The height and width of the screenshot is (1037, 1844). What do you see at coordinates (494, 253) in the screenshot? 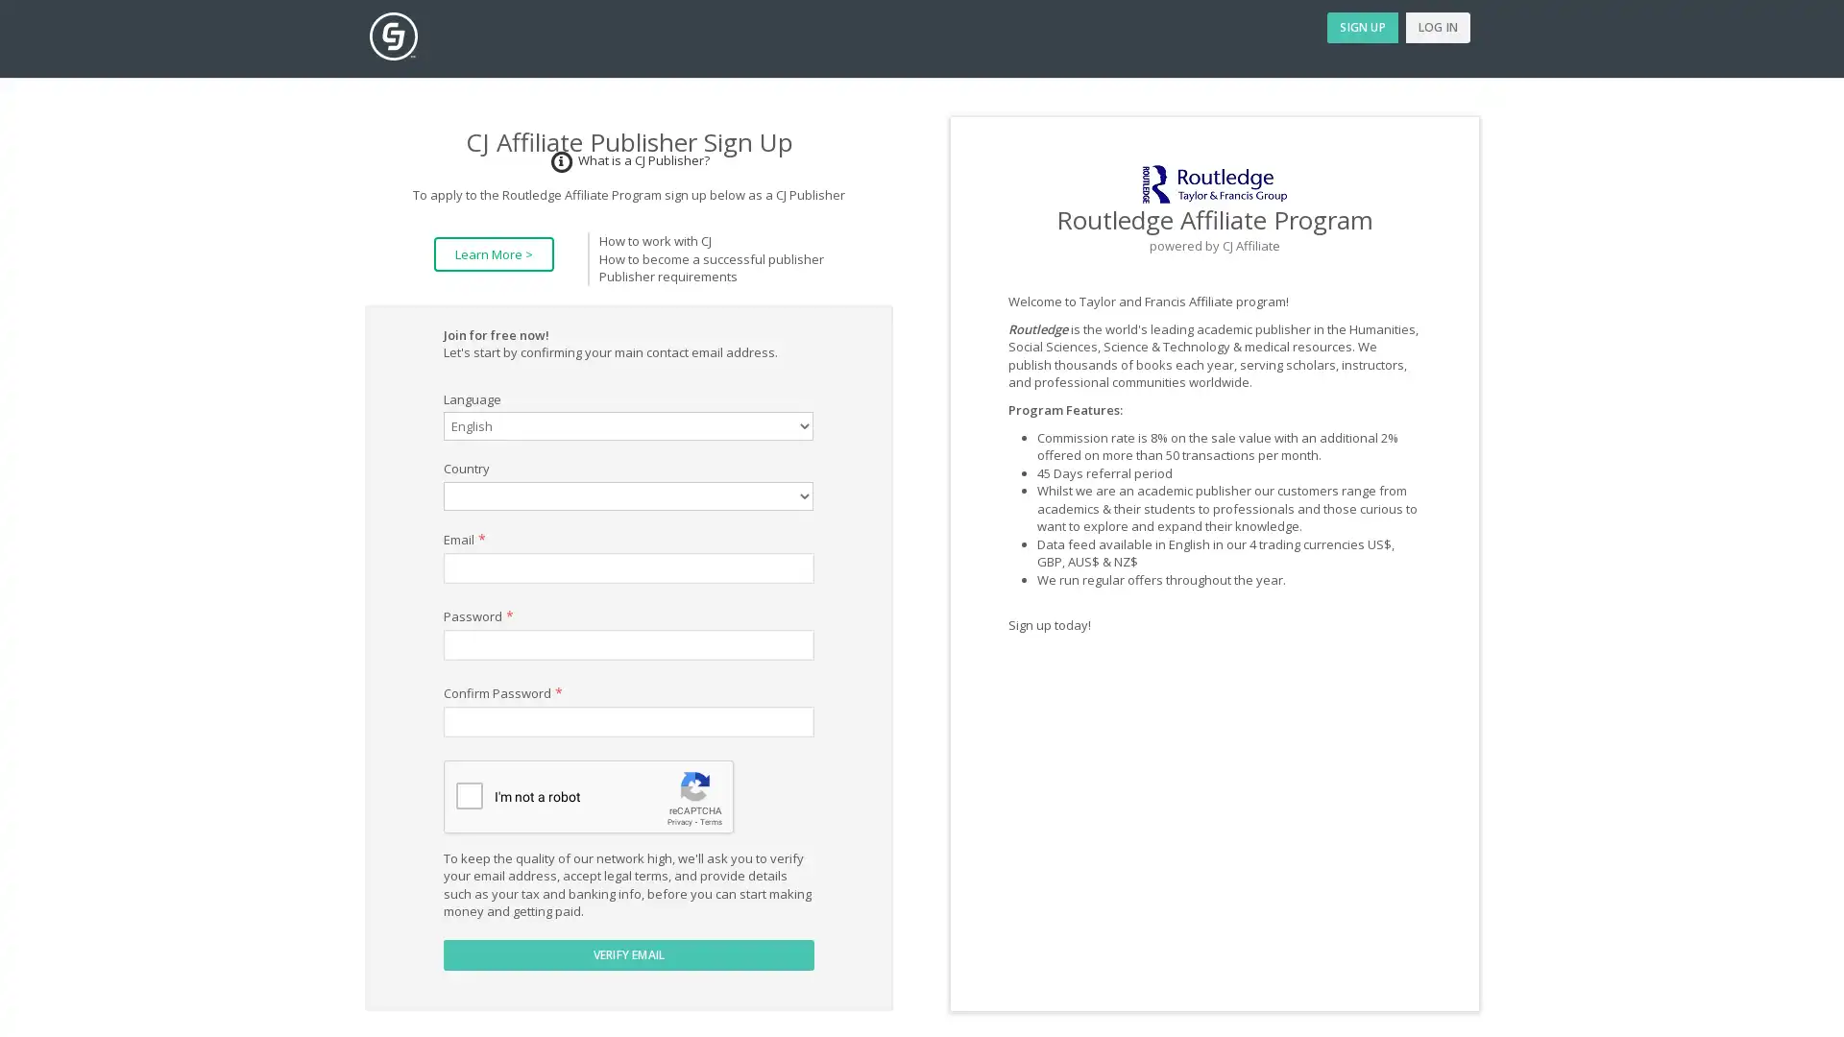
I see `Learn More >` at bounding box center [494, 253].